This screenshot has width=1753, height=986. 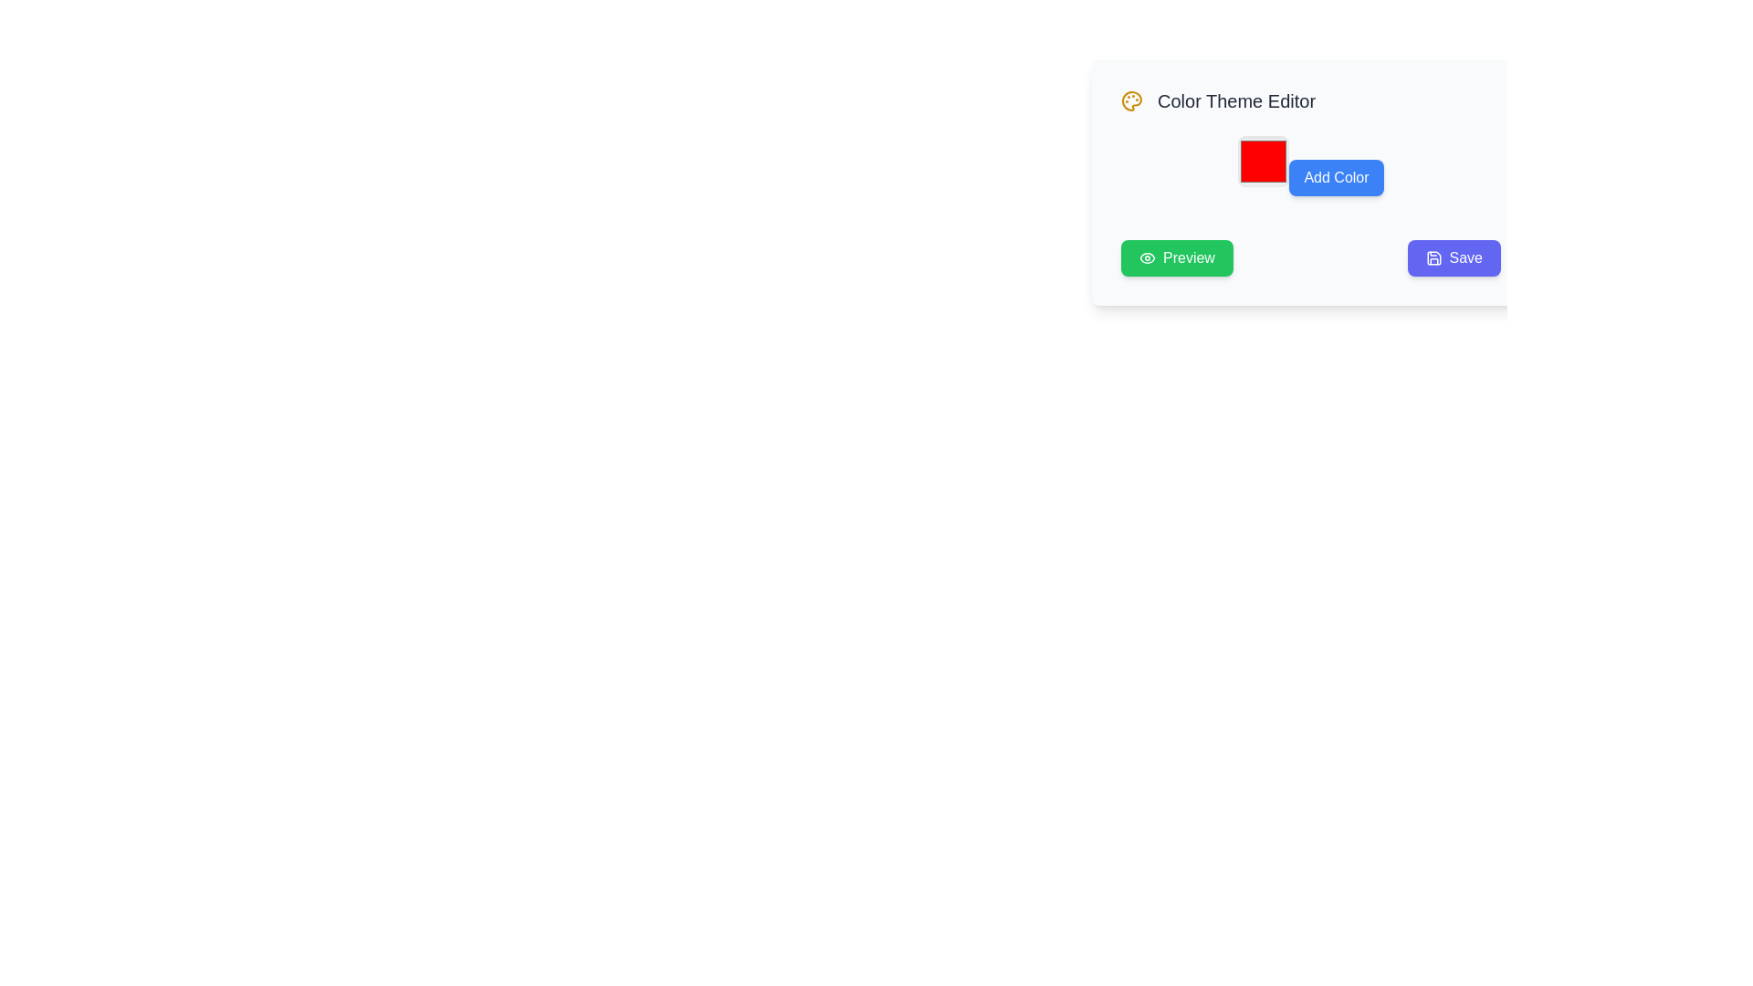 What do you see at coordinates (1433, 257) in the screenshot?
I see `the save icon, which is integrated into the blue 'Save' button labeled with white text, located at the center-left part of the button in the bottom-right quadrant of the visible card` at bounding box center [1433, 257].